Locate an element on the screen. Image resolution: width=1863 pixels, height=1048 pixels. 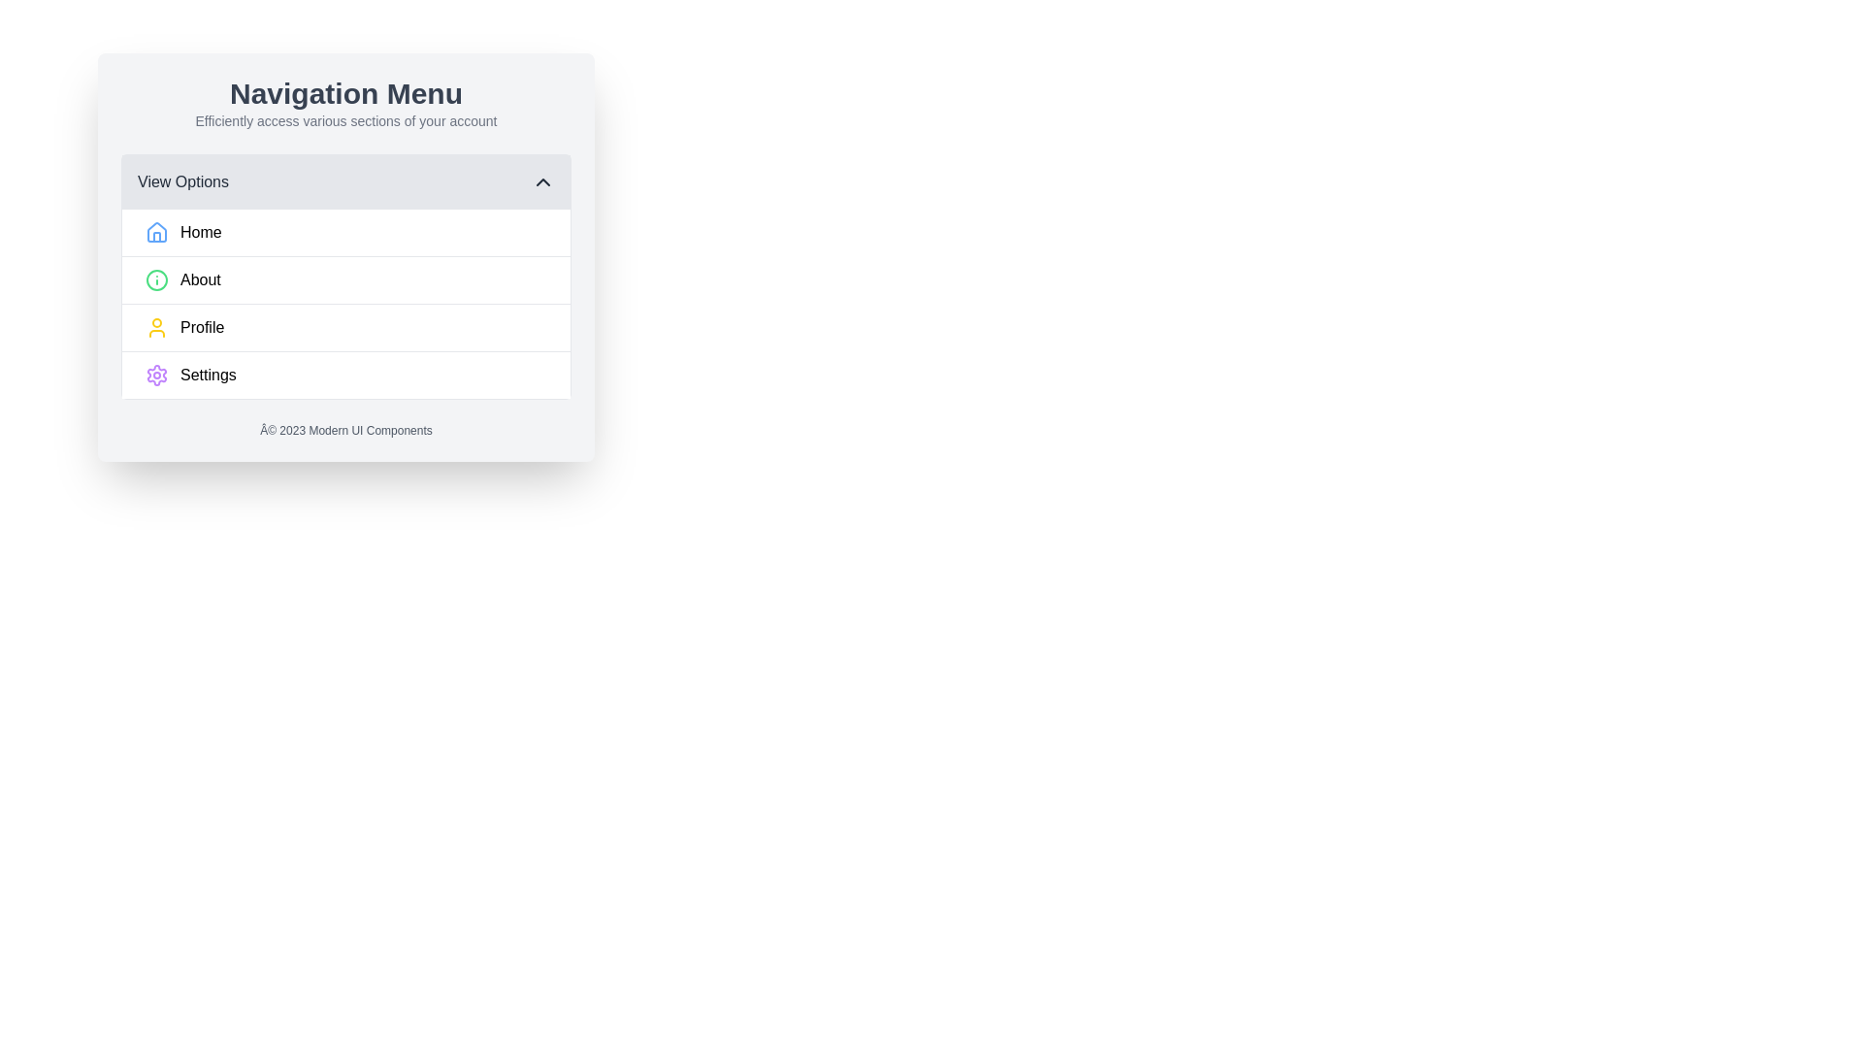
the house icon, which is a blue graphical representation with a triangular roof and rectangular base, located is located at coordinates (157, 231).